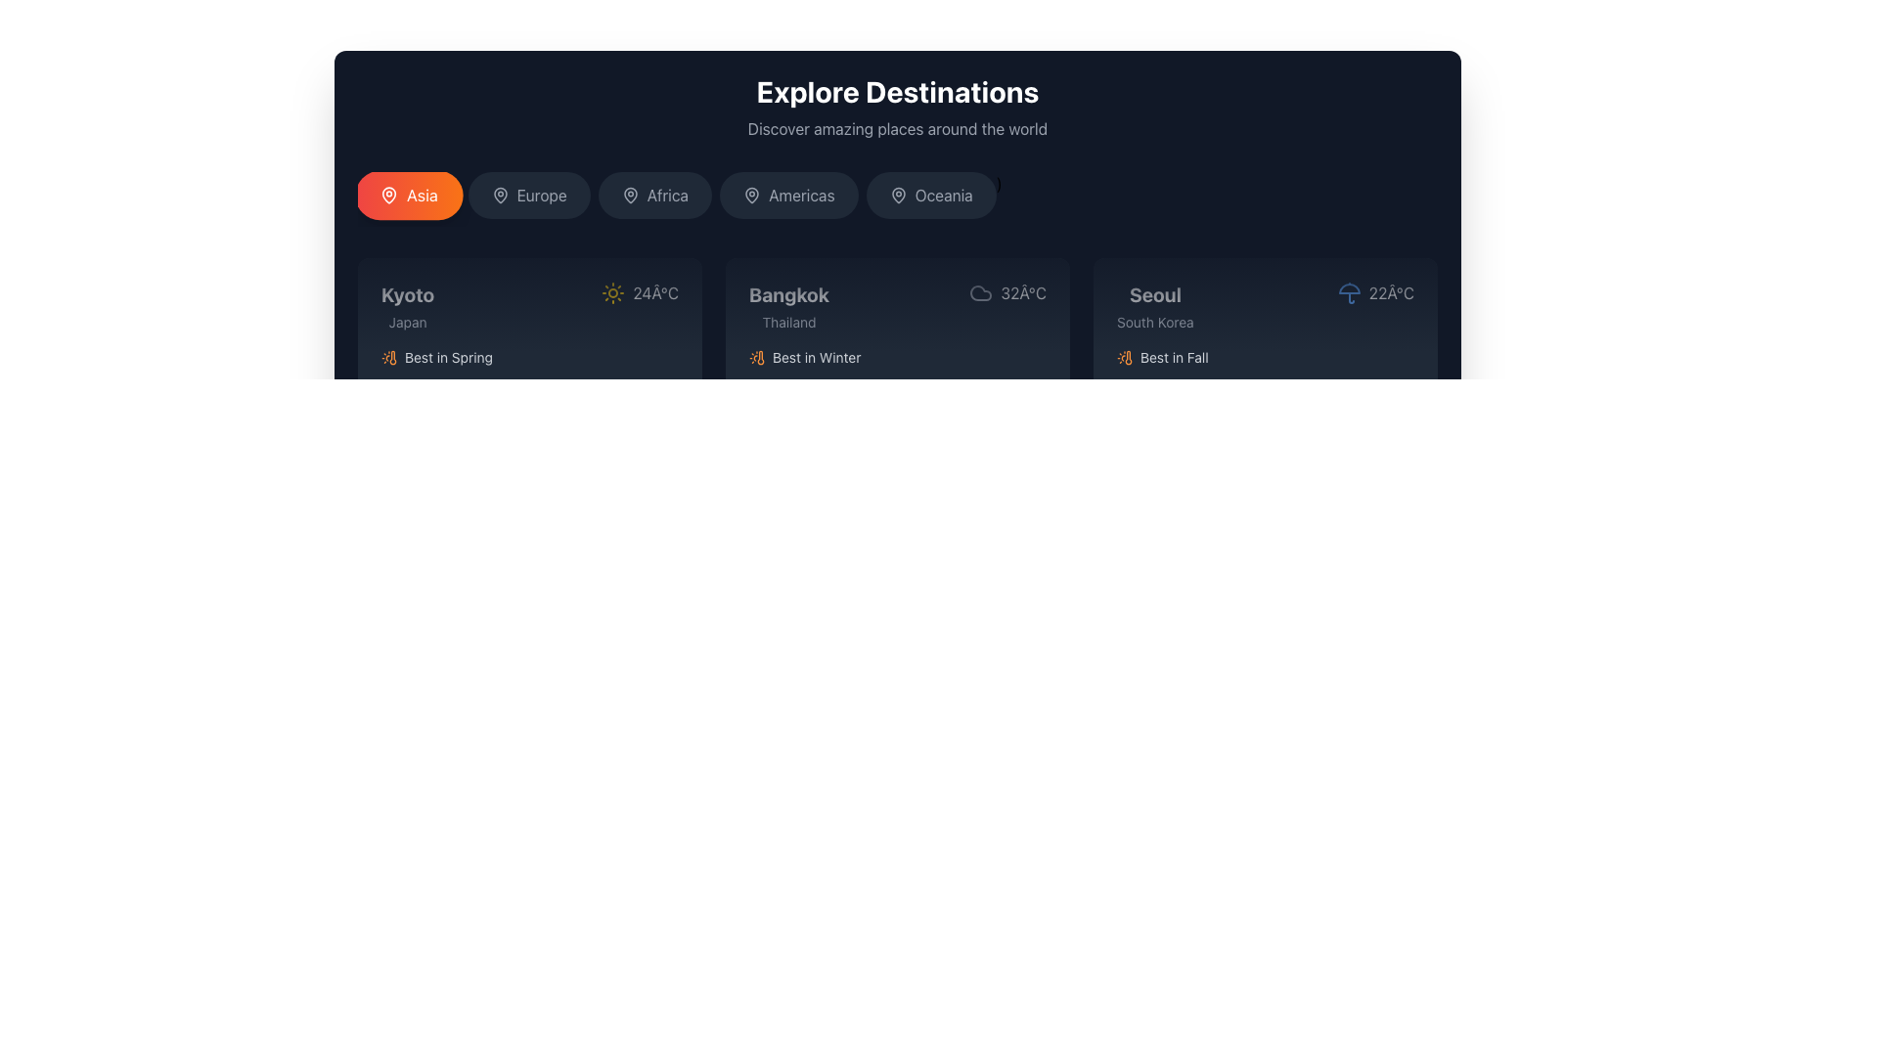  I want to click on the navigation menu, so click(896, 199).